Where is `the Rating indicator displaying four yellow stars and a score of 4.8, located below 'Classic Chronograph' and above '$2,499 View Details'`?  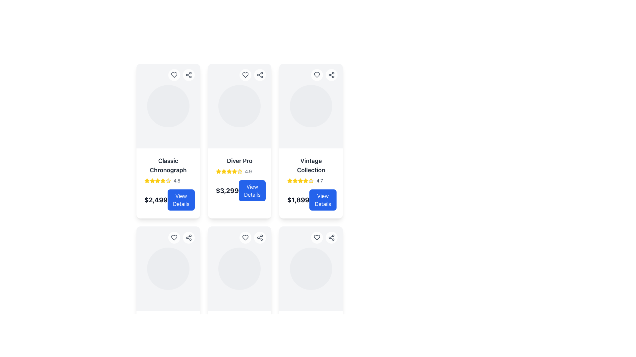
the Rating indicator displaying four yellow stars and a score of 4.8, located below 'Classic Chronograph' and above '$2,499 View Details' is located at coordinates (168, 181).